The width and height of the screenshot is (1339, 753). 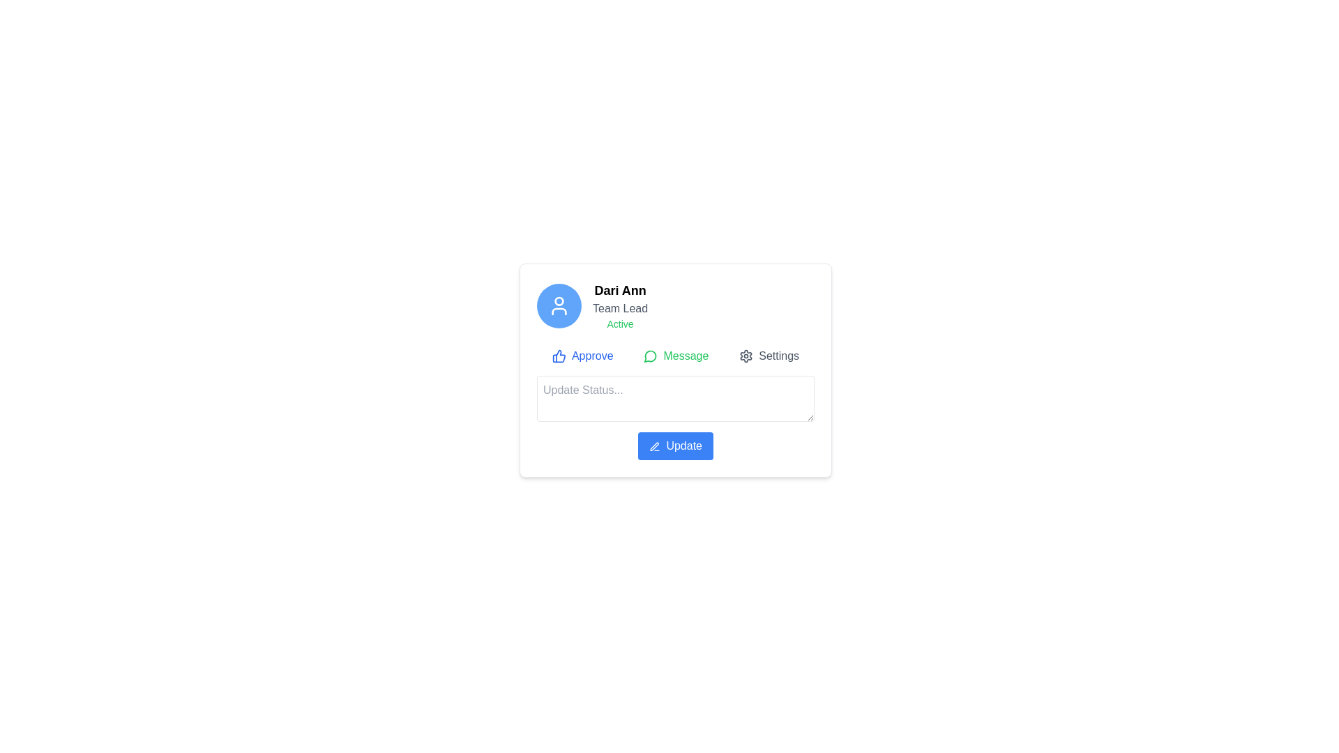 What do you see at coordinates (746, 355) in the screenshot?
I see `the gear icon located` at bounding box center [746, 355].